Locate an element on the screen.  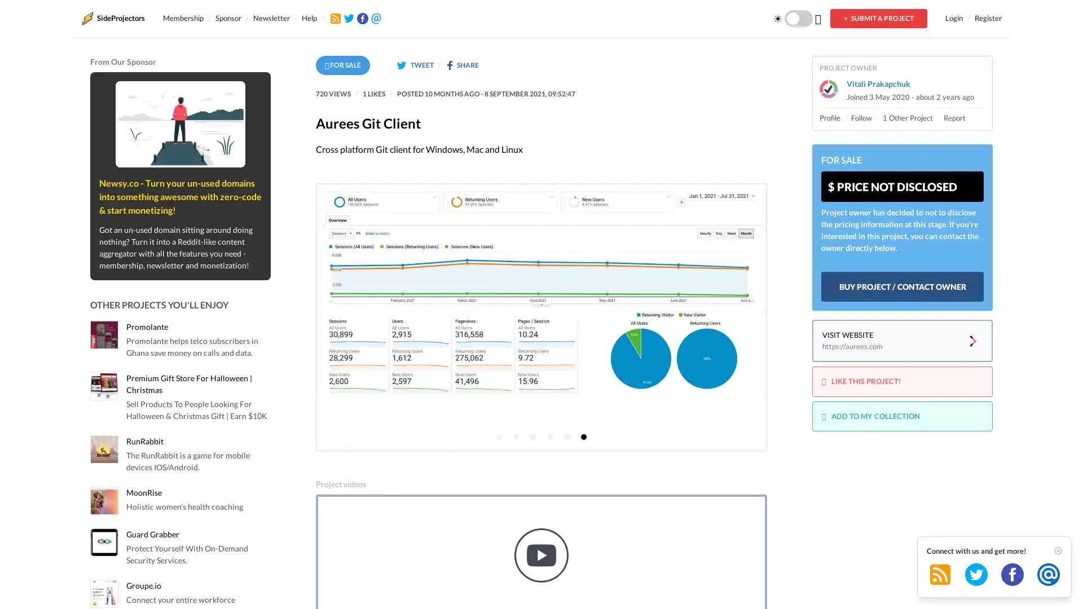
ADD TO MY COLLECTION is located at coordinates (901, 416).